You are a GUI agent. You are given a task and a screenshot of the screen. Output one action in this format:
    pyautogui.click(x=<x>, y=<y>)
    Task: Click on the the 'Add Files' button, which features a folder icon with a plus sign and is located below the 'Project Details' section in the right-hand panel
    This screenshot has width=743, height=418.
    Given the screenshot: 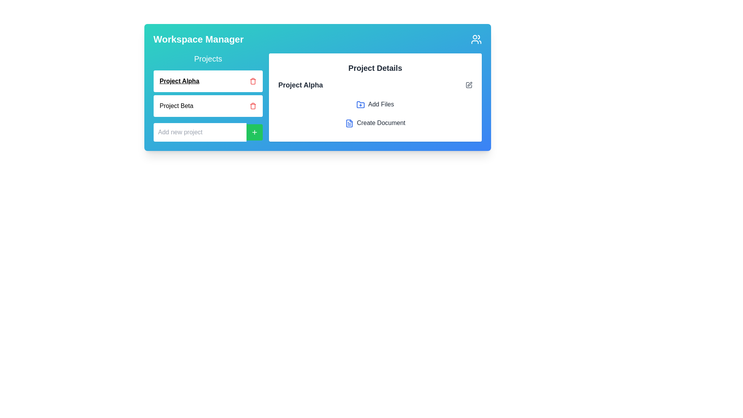 What is the action you would take?
    pyautogui.click(x=375, y=104)
    